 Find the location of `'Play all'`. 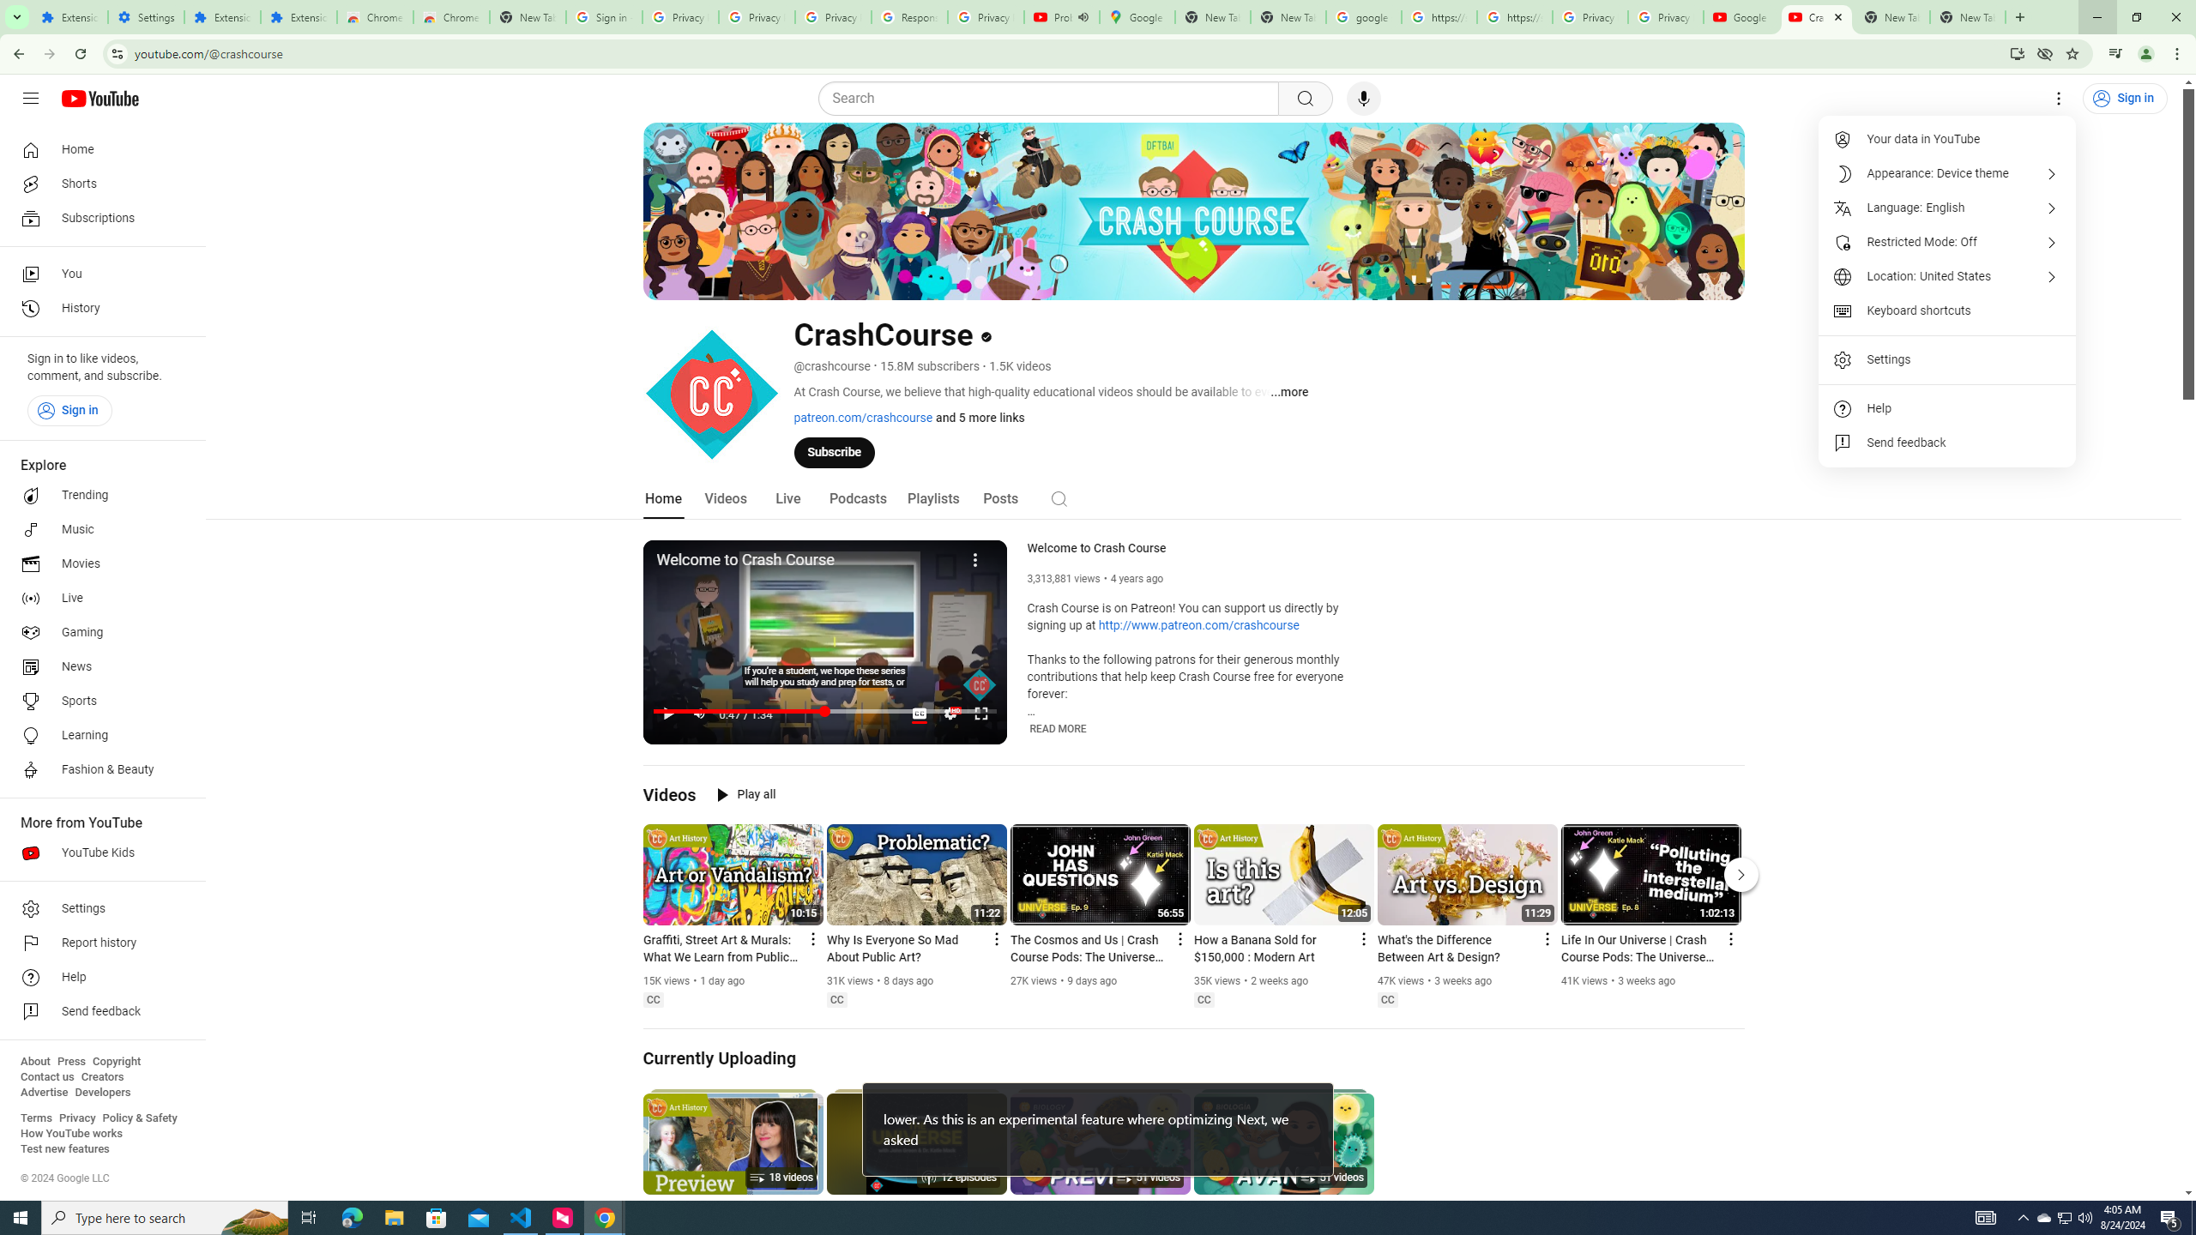

'Play all' is located at coordinates (745, 794).